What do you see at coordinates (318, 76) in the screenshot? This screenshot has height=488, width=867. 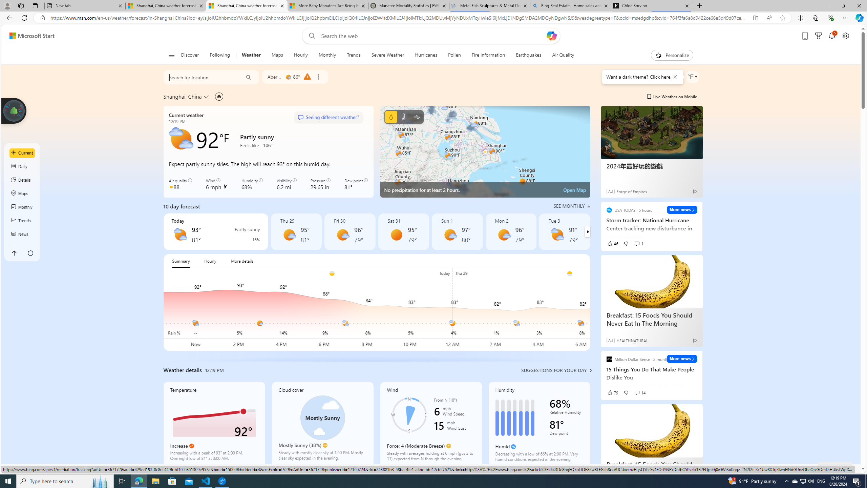 I see `'Remove location'` at bounding box center [318, 76].